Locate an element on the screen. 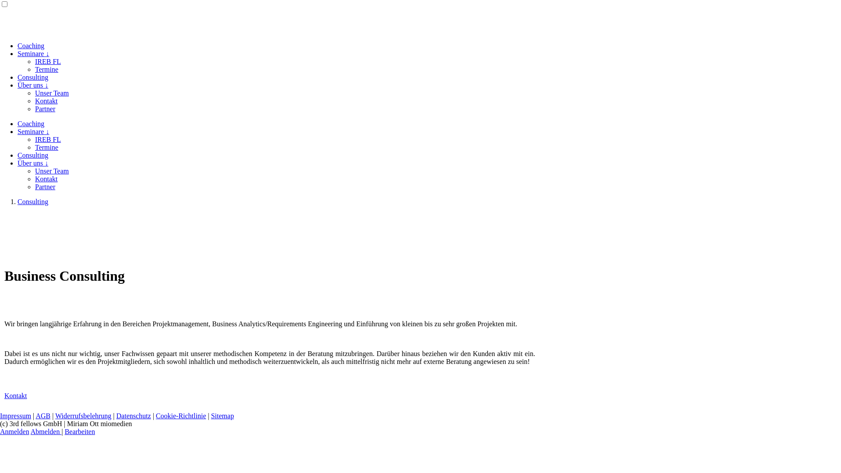 This screenshot has height=473, width=841. 'Termine' is located at coordinates (46, 147).